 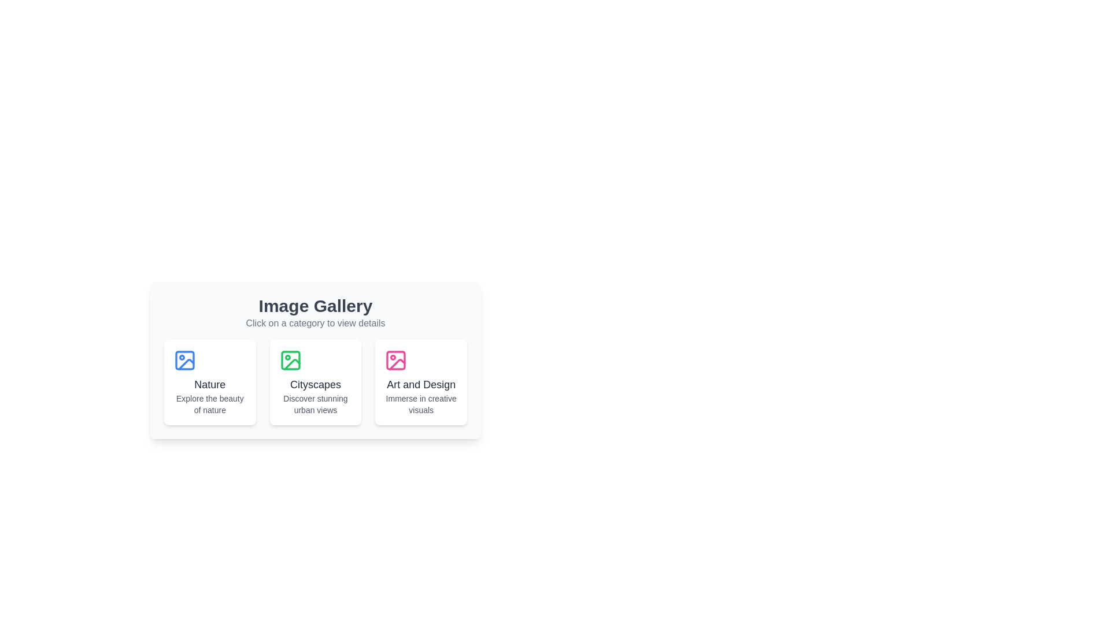 I want to click on the first interactive card labeled 'Nature' in the Image Gallery, so click(x=210, y=382).